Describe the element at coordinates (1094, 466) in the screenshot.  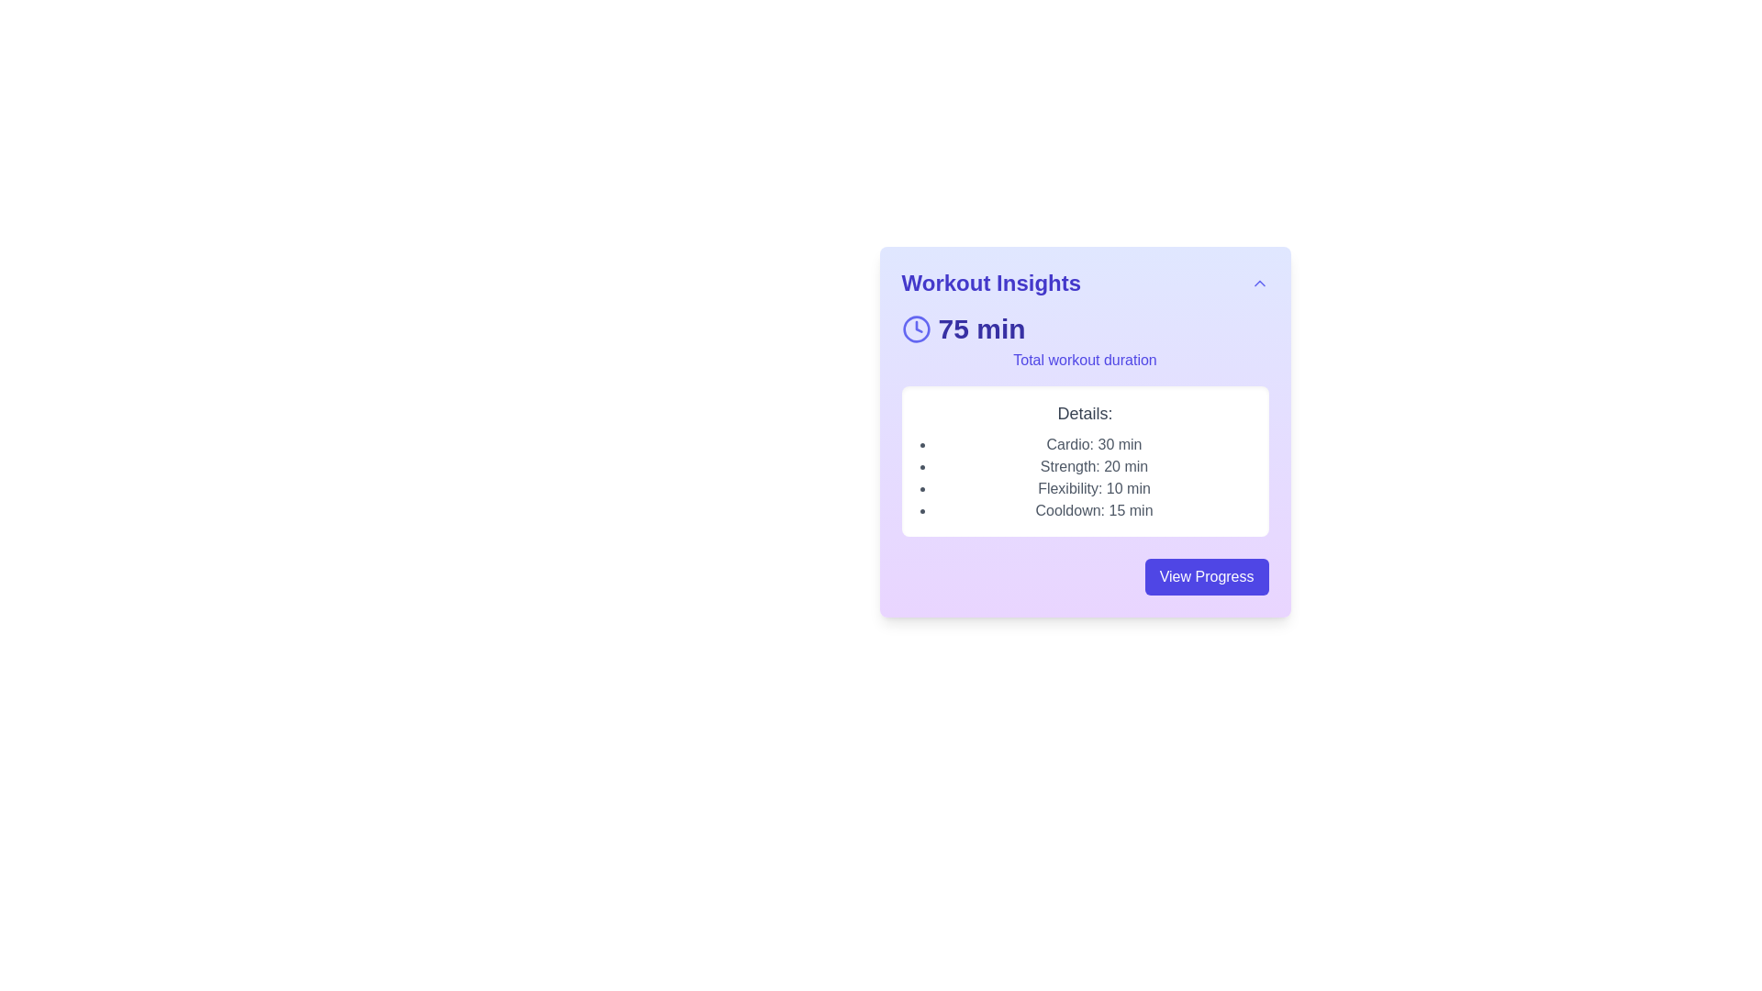
I see `the second item in the bulleted list of workout activities that indicates the 'Strength' portion of a workout session with a duration of 20 minutes, located within the 'Details' section under 'Workout Insights'` at that location.